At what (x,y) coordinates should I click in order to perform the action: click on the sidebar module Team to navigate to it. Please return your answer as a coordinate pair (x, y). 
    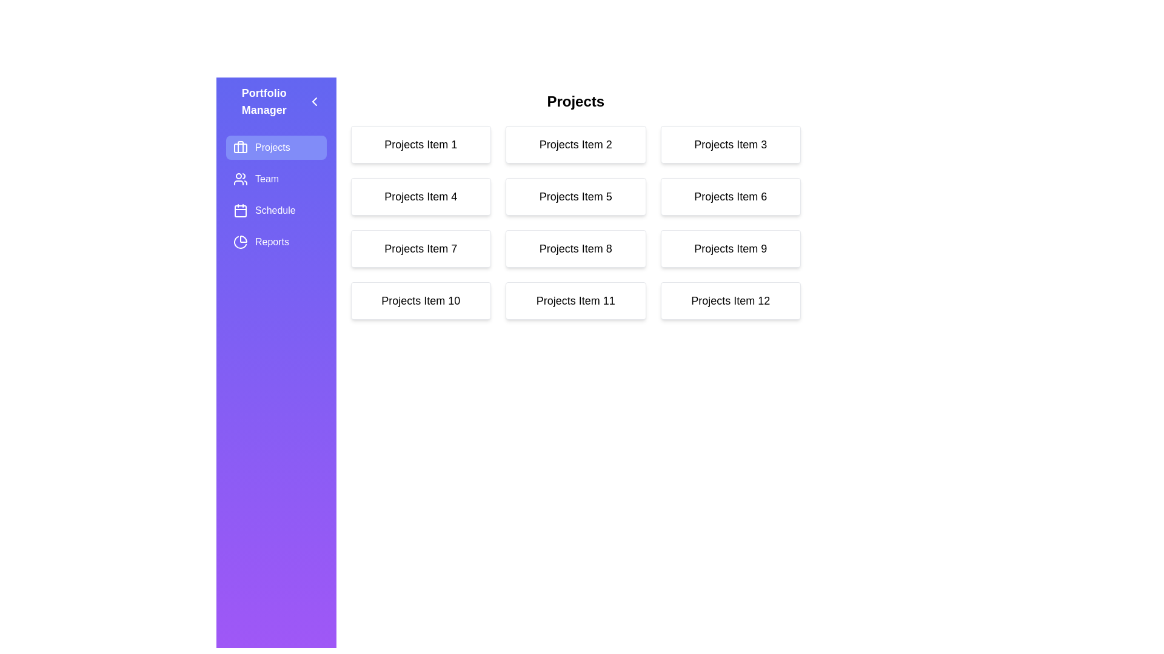
    Looking at the image, I should click on (275, 179).